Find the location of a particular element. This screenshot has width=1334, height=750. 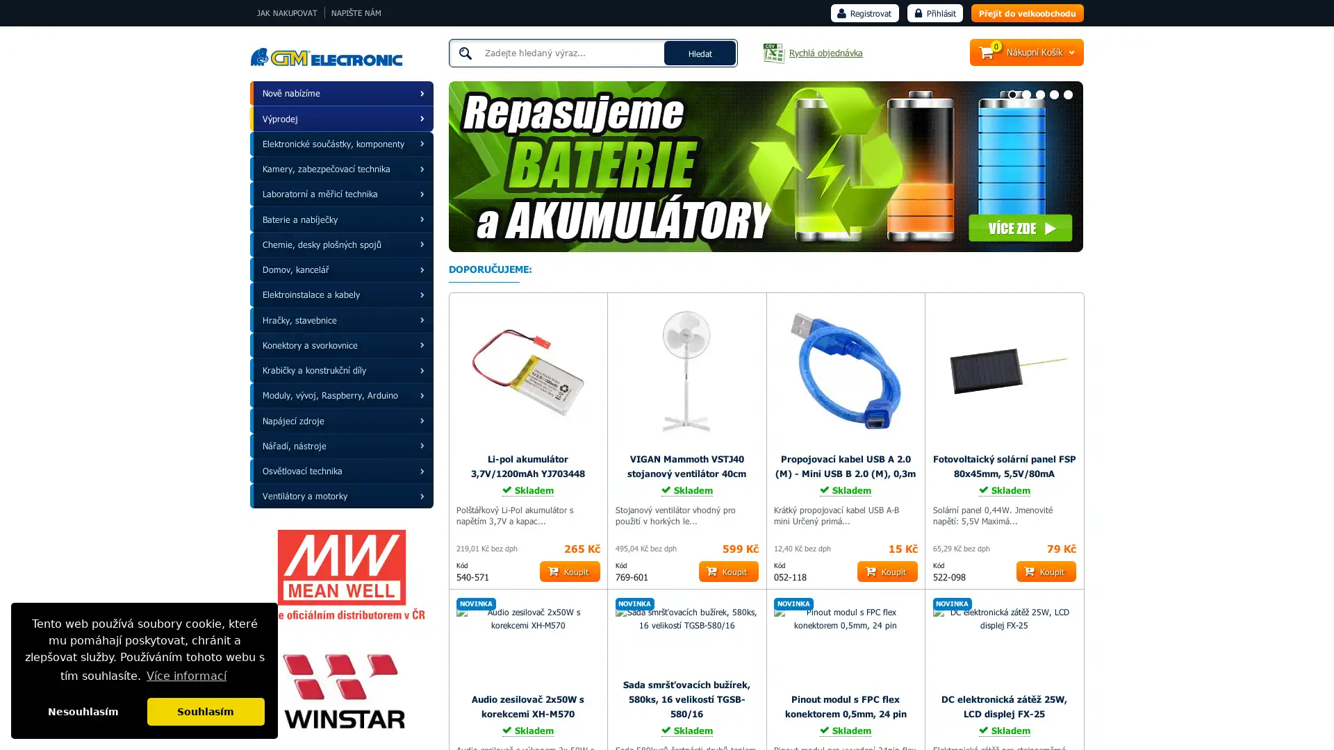

dismiss cookie message is located at coordinates (82, 711).